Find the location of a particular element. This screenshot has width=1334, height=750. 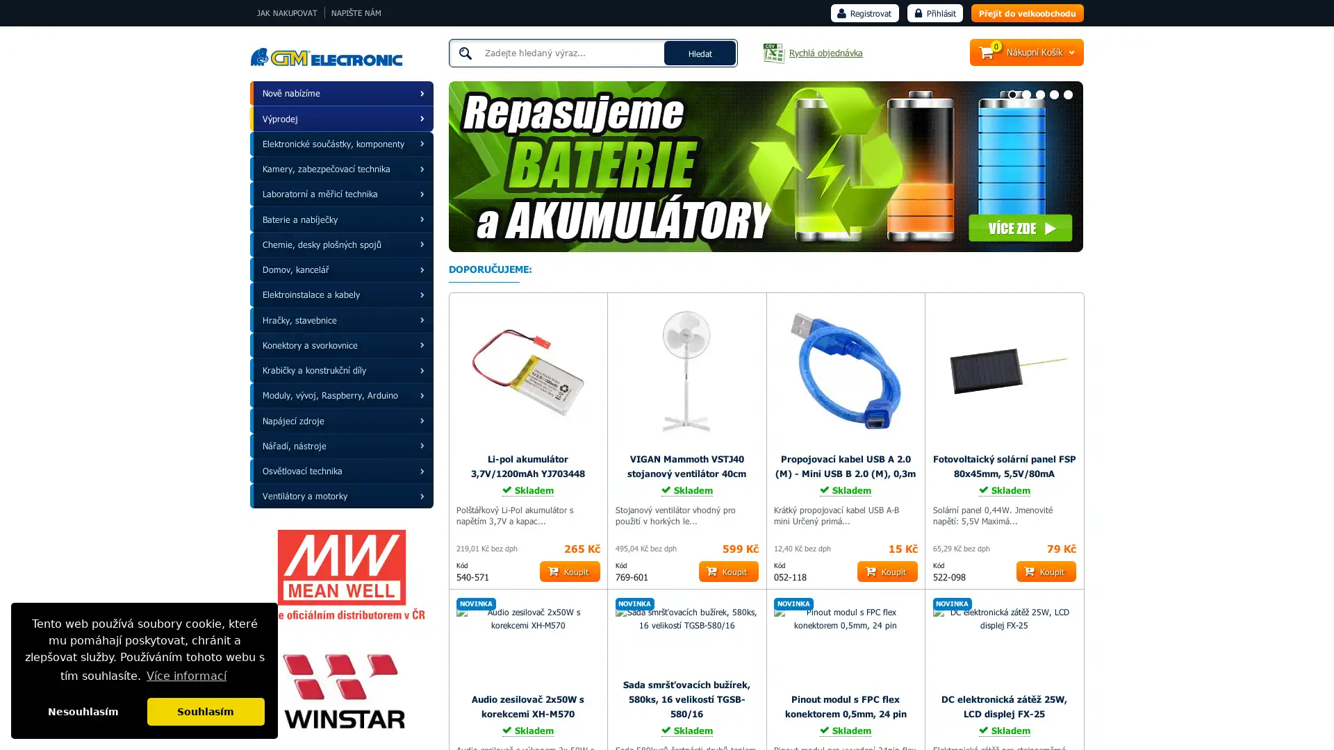

dismiss cookie message is located at coordinates (82, 711).